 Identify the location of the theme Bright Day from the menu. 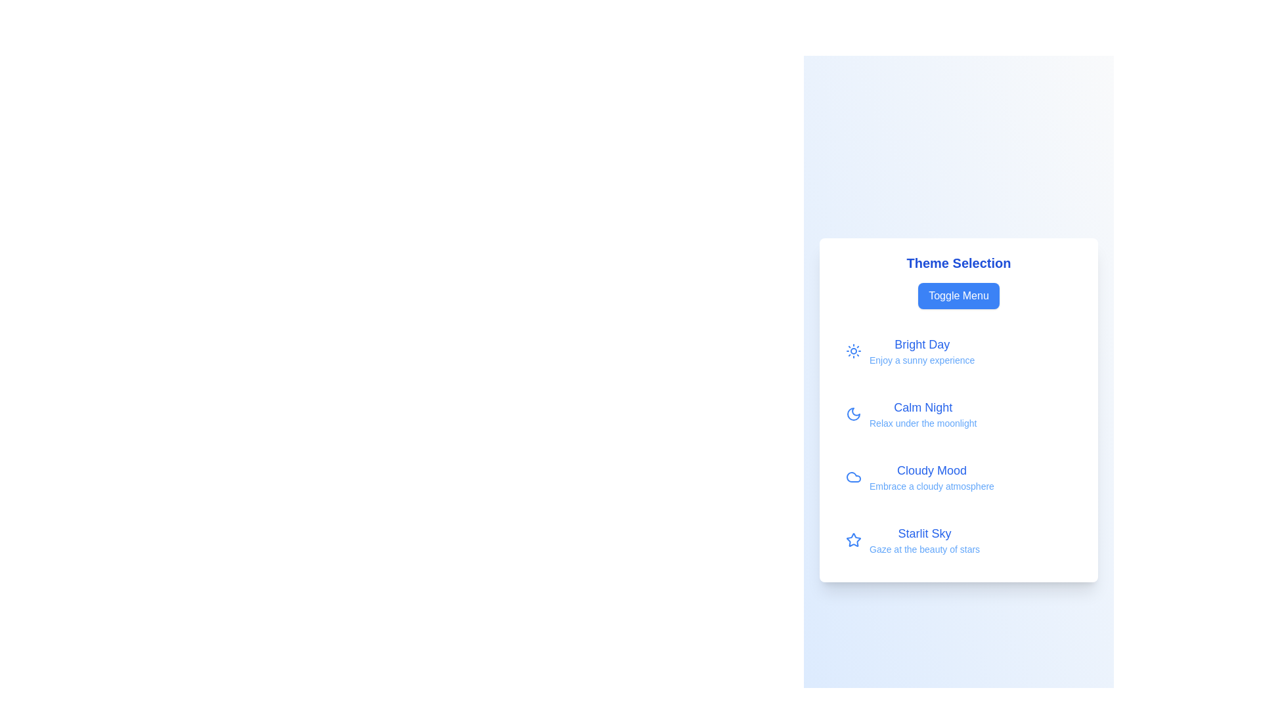
(958, 351).